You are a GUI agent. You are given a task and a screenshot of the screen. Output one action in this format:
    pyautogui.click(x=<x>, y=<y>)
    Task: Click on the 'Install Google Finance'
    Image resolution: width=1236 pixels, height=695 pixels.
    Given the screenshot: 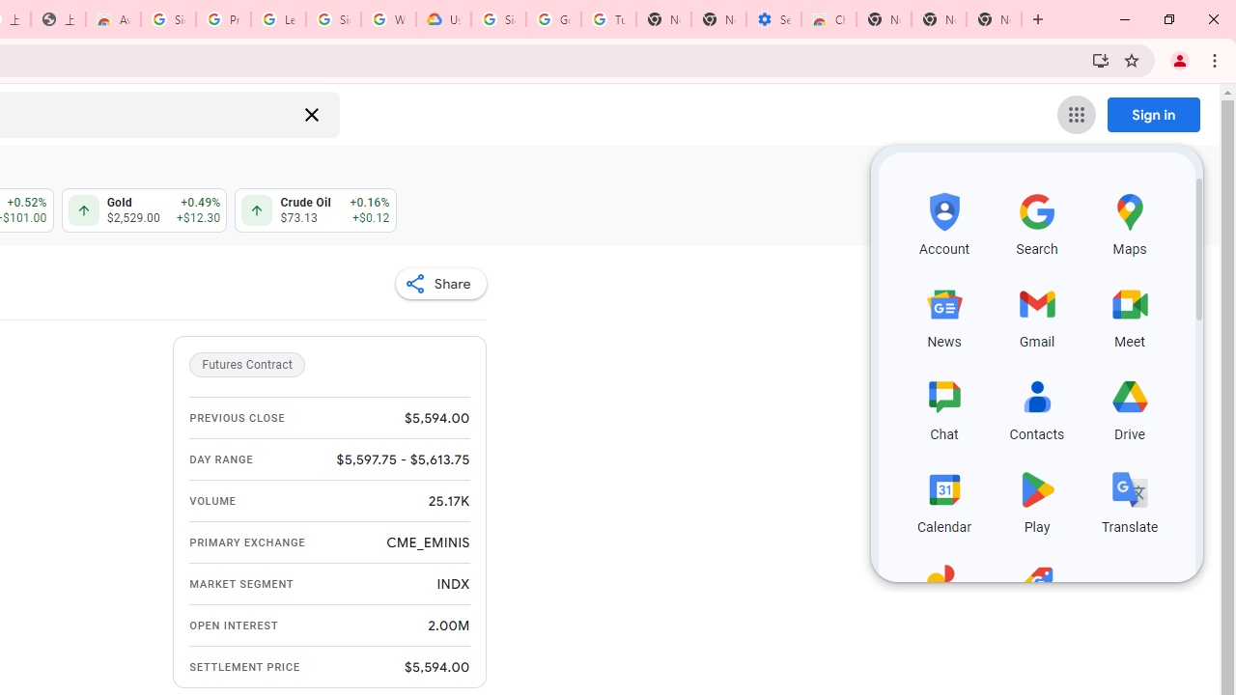 What is the action you would take?
    pyautogui.click(x=1100, y=59)
    